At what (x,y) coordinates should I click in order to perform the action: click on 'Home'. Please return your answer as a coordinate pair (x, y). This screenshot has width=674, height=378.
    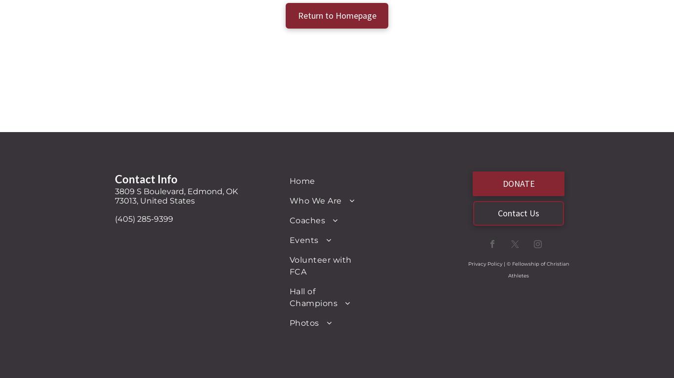
    Looking at the image, I should click on (301, 180).